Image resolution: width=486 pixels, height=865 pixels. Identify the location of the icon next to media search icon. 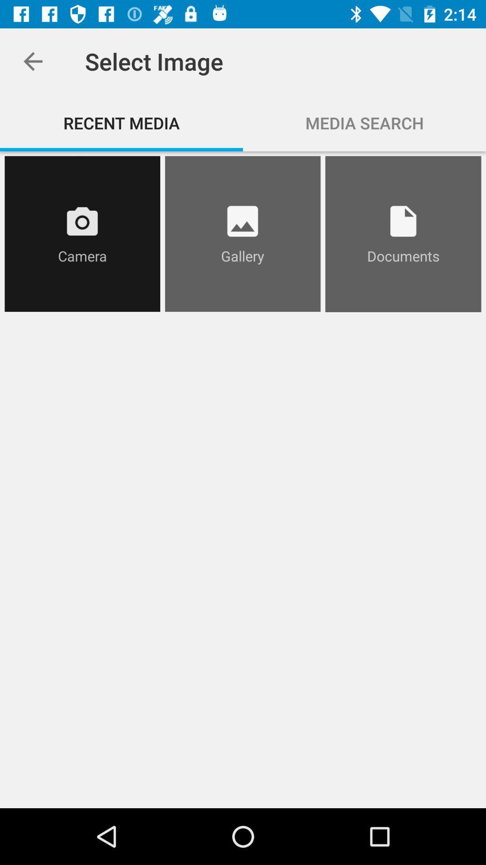
(121, 123).